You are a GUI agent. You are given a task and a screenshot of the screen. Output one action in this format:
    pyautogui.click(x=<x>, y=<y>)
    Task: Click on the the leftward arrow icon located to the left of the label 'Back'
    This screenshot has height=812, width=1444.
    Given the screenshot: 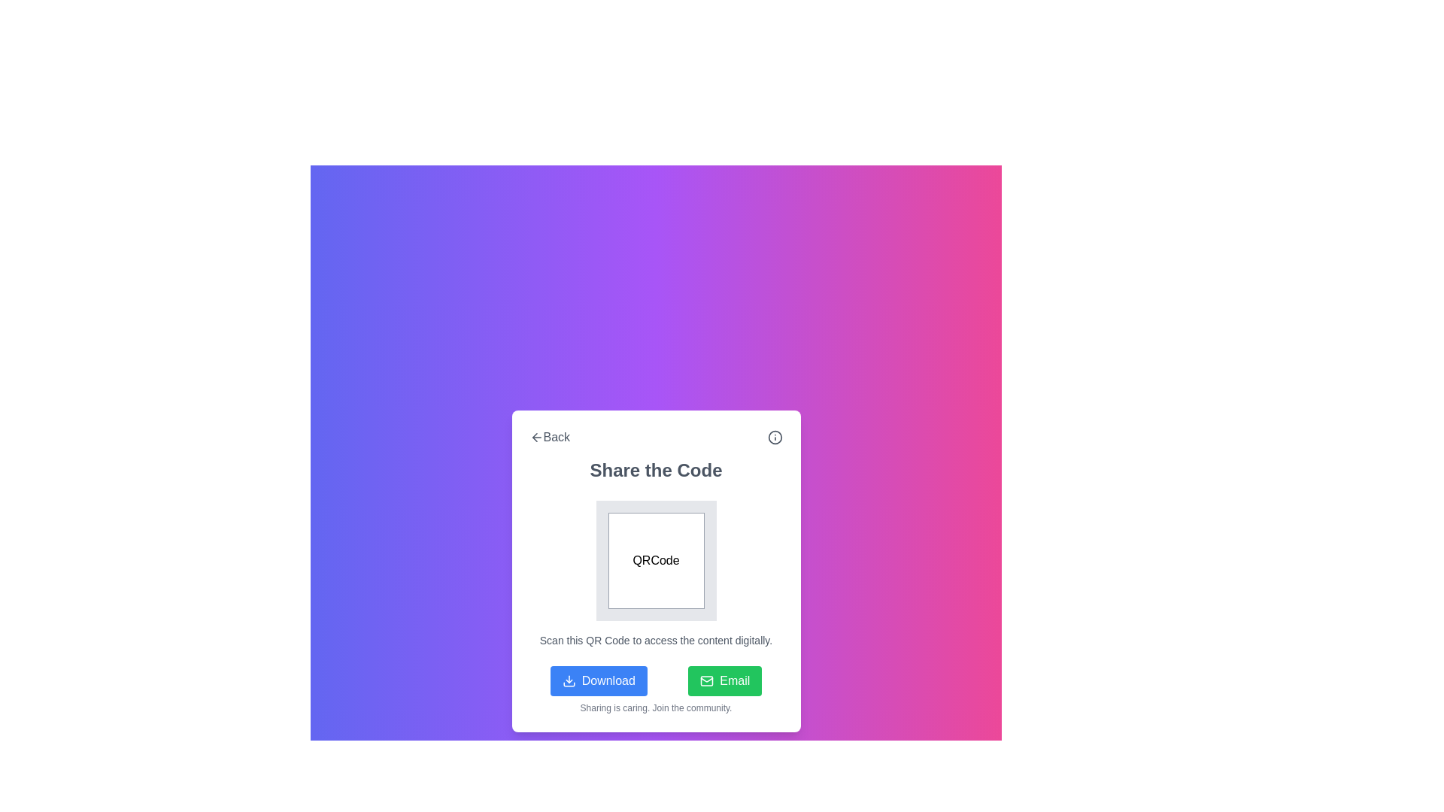 What is the action you would take?
    pyautogui.click(x=536, y=438)
    